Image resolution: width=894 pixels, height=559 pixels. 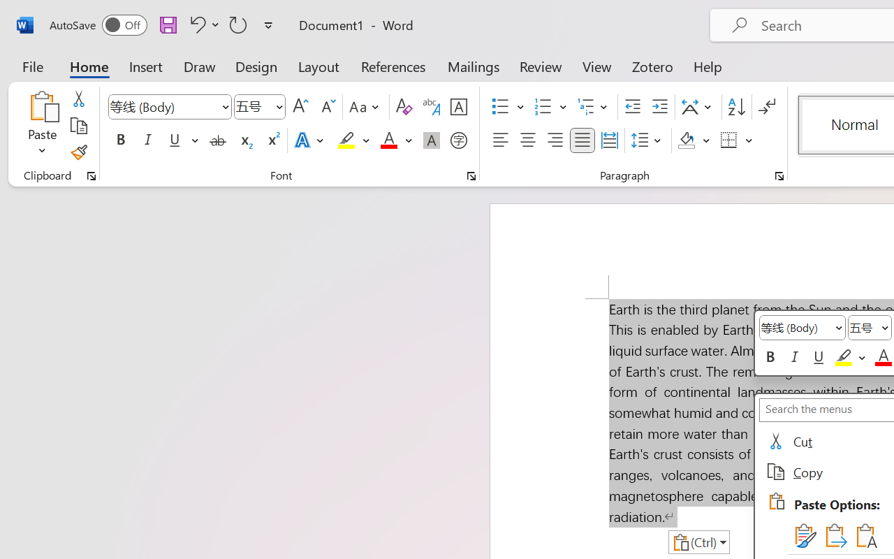 What do you see at coordinates (834, 535) in the screenshot?
I see `'Merge Formatting'` at bounding box center [834, 535].